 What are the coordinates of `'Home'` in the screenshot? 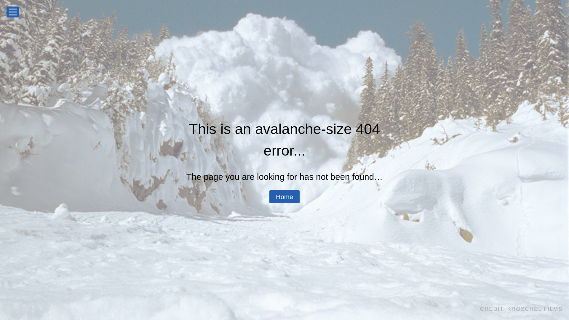 It's located at (284, 196).